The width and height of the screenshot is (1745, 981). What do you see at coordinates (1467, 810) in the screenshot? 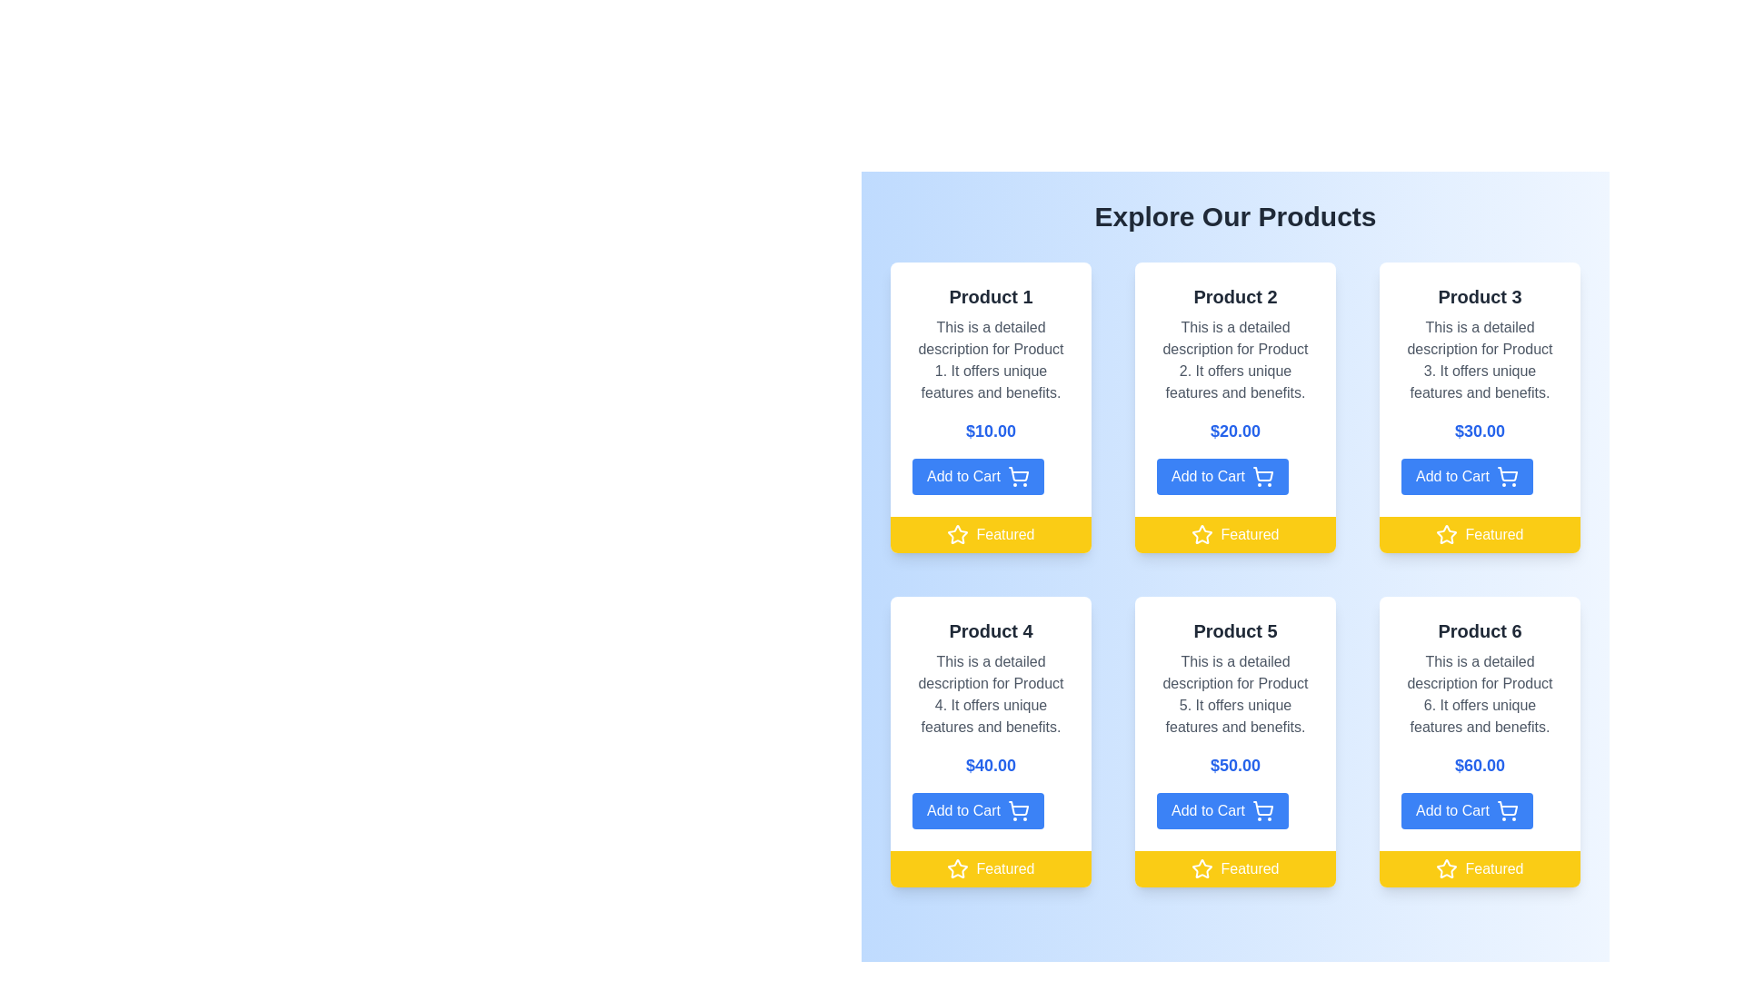
I see `the 'Add to Cart' button for 'Product 6'` at bounding box center [1467, 810].